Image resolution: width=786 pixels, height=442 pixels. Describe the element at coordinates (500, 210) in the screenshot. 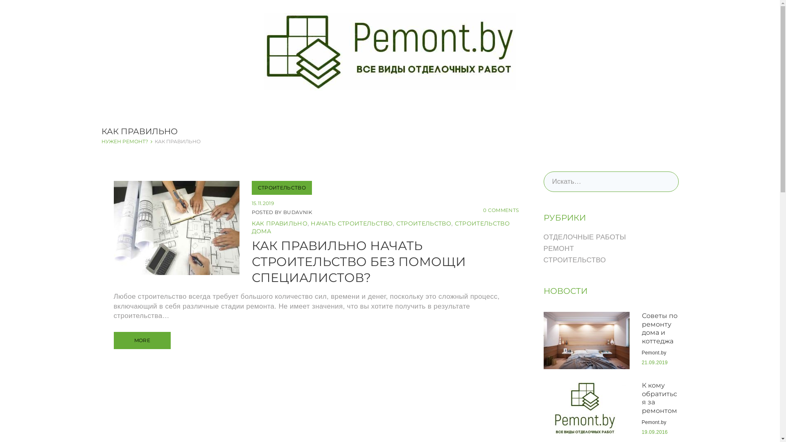

I see `'0 COMMENTS'` at that location.